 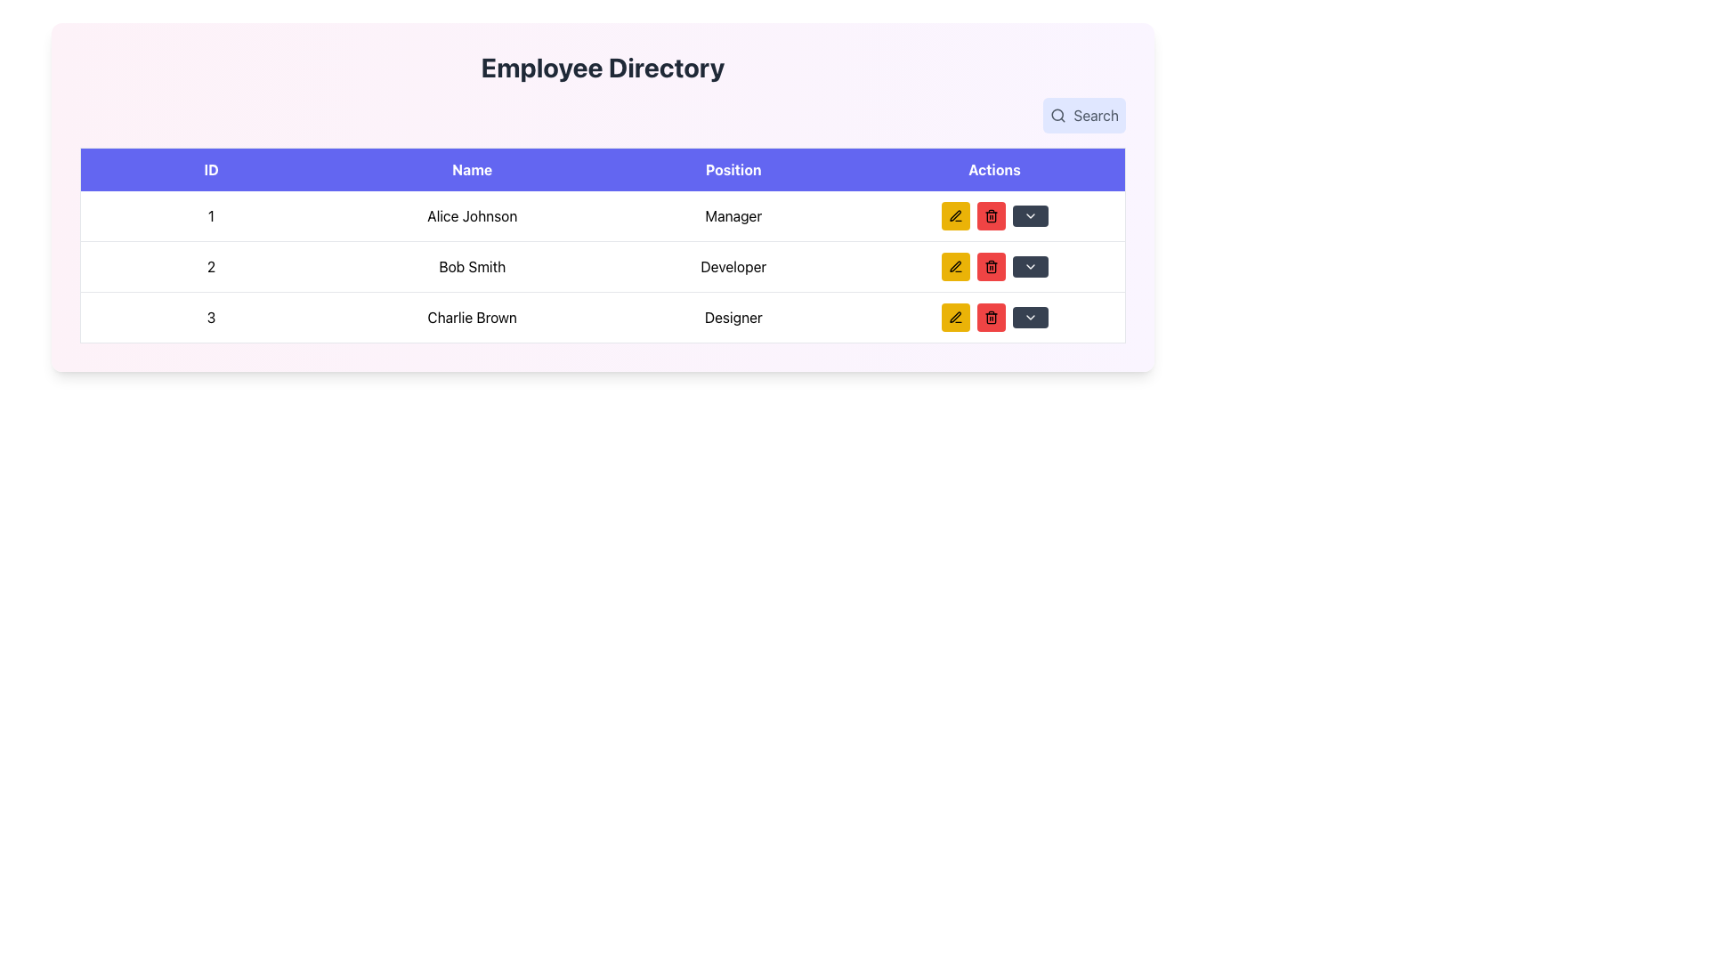 I want to click on the dropdown toggle button located in the 'Actions' column of the first row in the 'Employee Directory' interface, so click(x=1030, y=215).